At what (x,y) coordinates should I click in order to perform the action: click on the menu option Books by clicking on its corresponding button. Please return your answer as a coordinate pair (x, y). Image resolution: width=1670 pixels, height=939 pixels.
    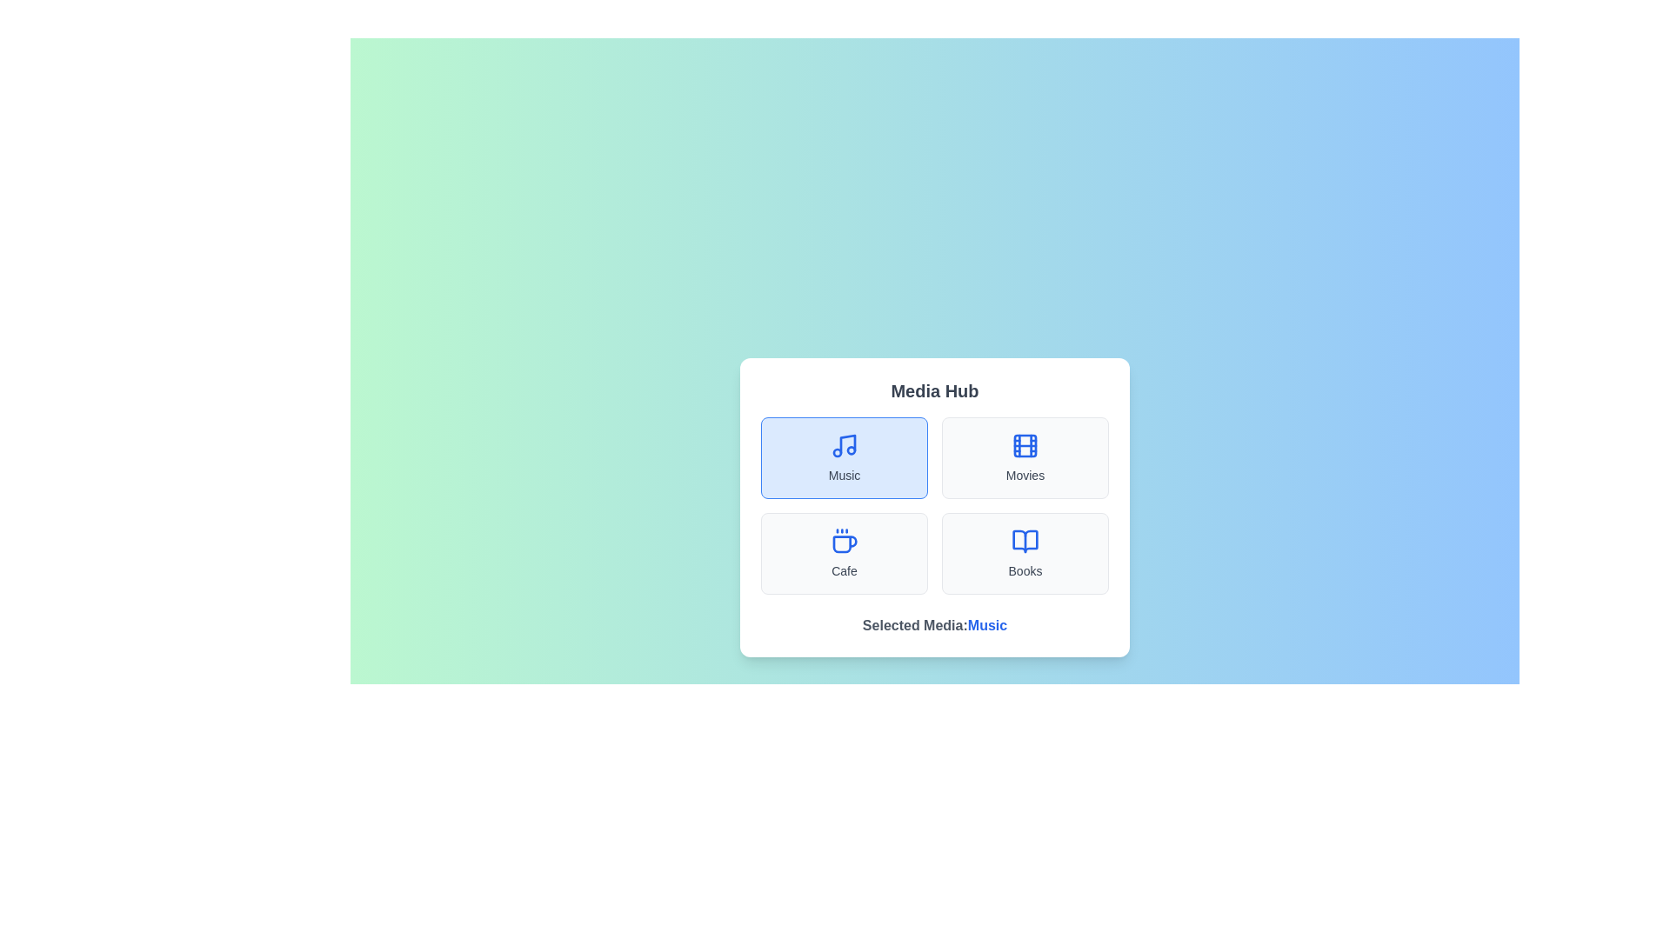
    Looking at the image, I should click on (1025, 553).